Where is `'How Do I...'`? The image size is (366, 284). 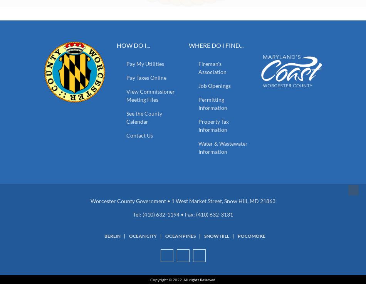 'How Do I...' is located at coordinates (116, 45).